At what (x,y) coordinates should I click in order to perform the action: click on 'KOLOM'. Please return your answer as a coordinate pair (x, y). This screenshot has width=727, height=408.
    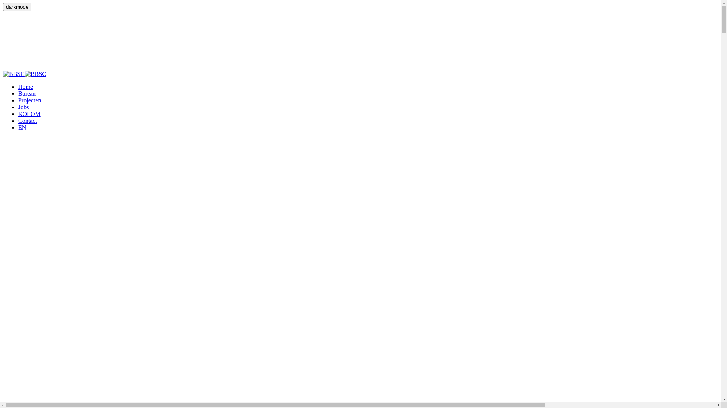
    Looking at the image, I should click on (29, 114).